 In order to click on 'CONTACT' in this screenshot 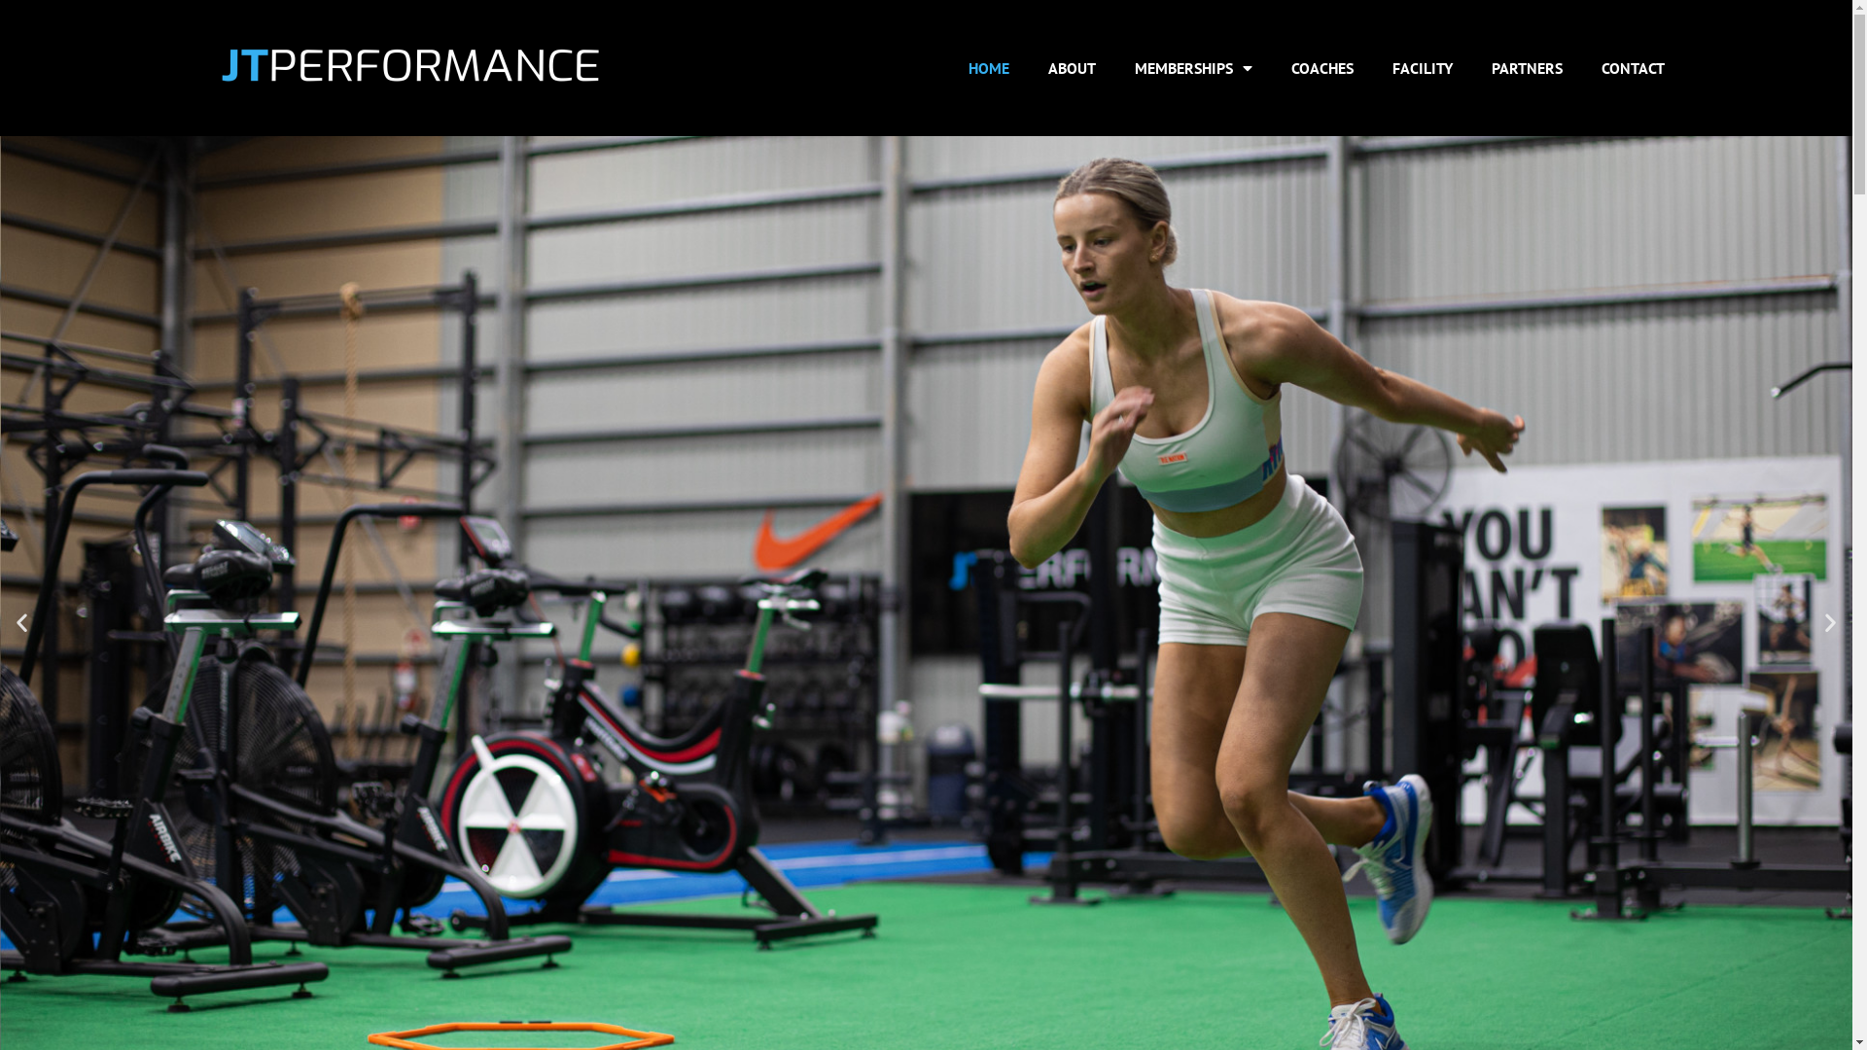, I will do `click(1582, 66)`.